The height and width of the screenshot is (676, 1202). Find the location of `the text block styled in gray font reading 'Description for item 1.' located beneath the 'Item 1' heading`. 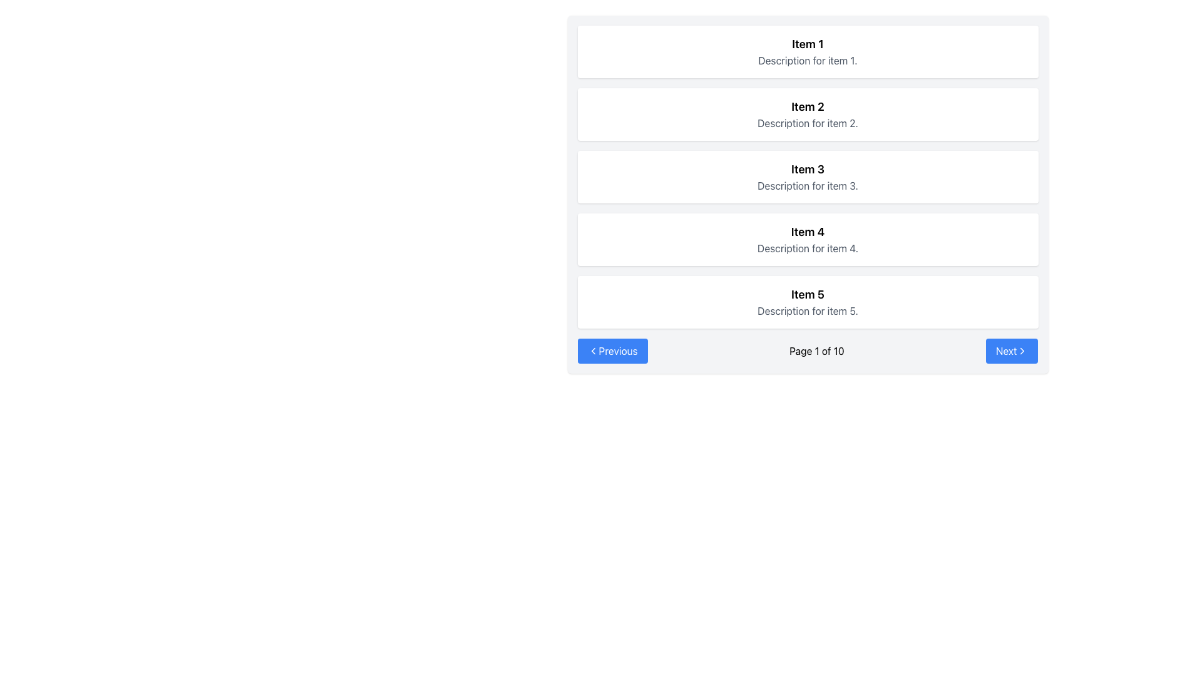

the text block styled in gray font reading 'Description for item 1.' located beneath the 'Item 1' heading is located at coordinates (808, 60).